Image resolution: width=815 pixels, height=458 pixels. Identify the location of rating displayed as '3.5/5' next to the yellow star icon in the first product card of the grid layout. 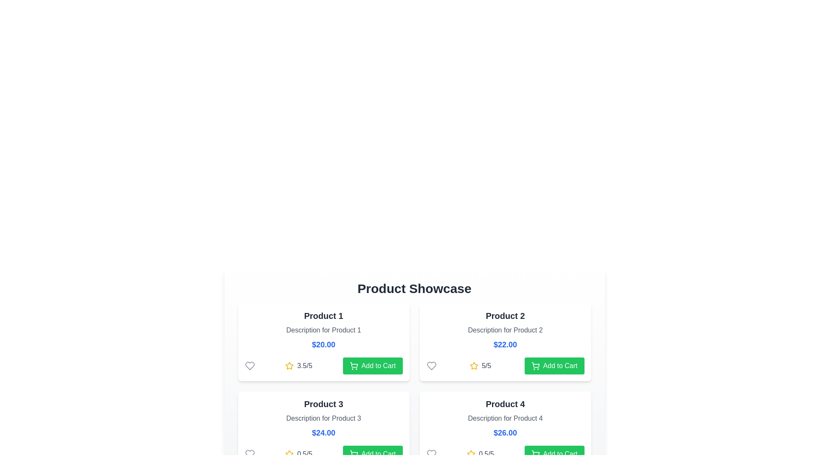
(305, 366).